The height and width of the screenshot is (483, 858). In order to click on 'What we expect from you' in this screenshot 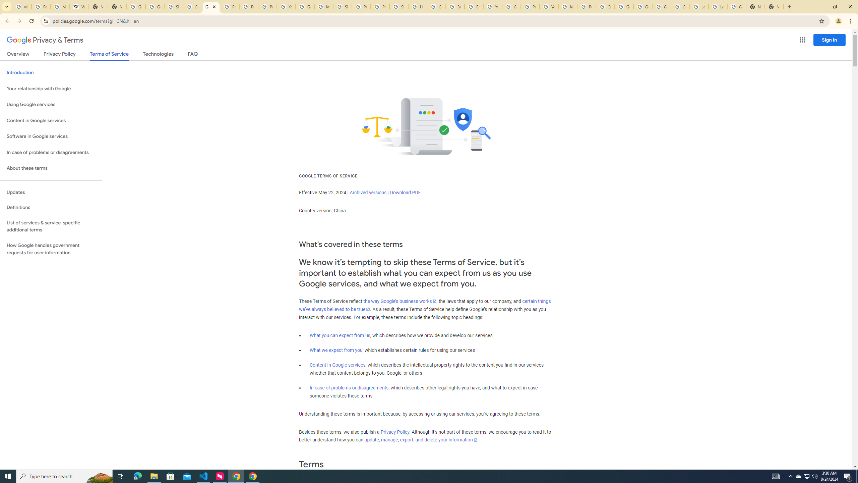, I will do `click(336, 350)`.